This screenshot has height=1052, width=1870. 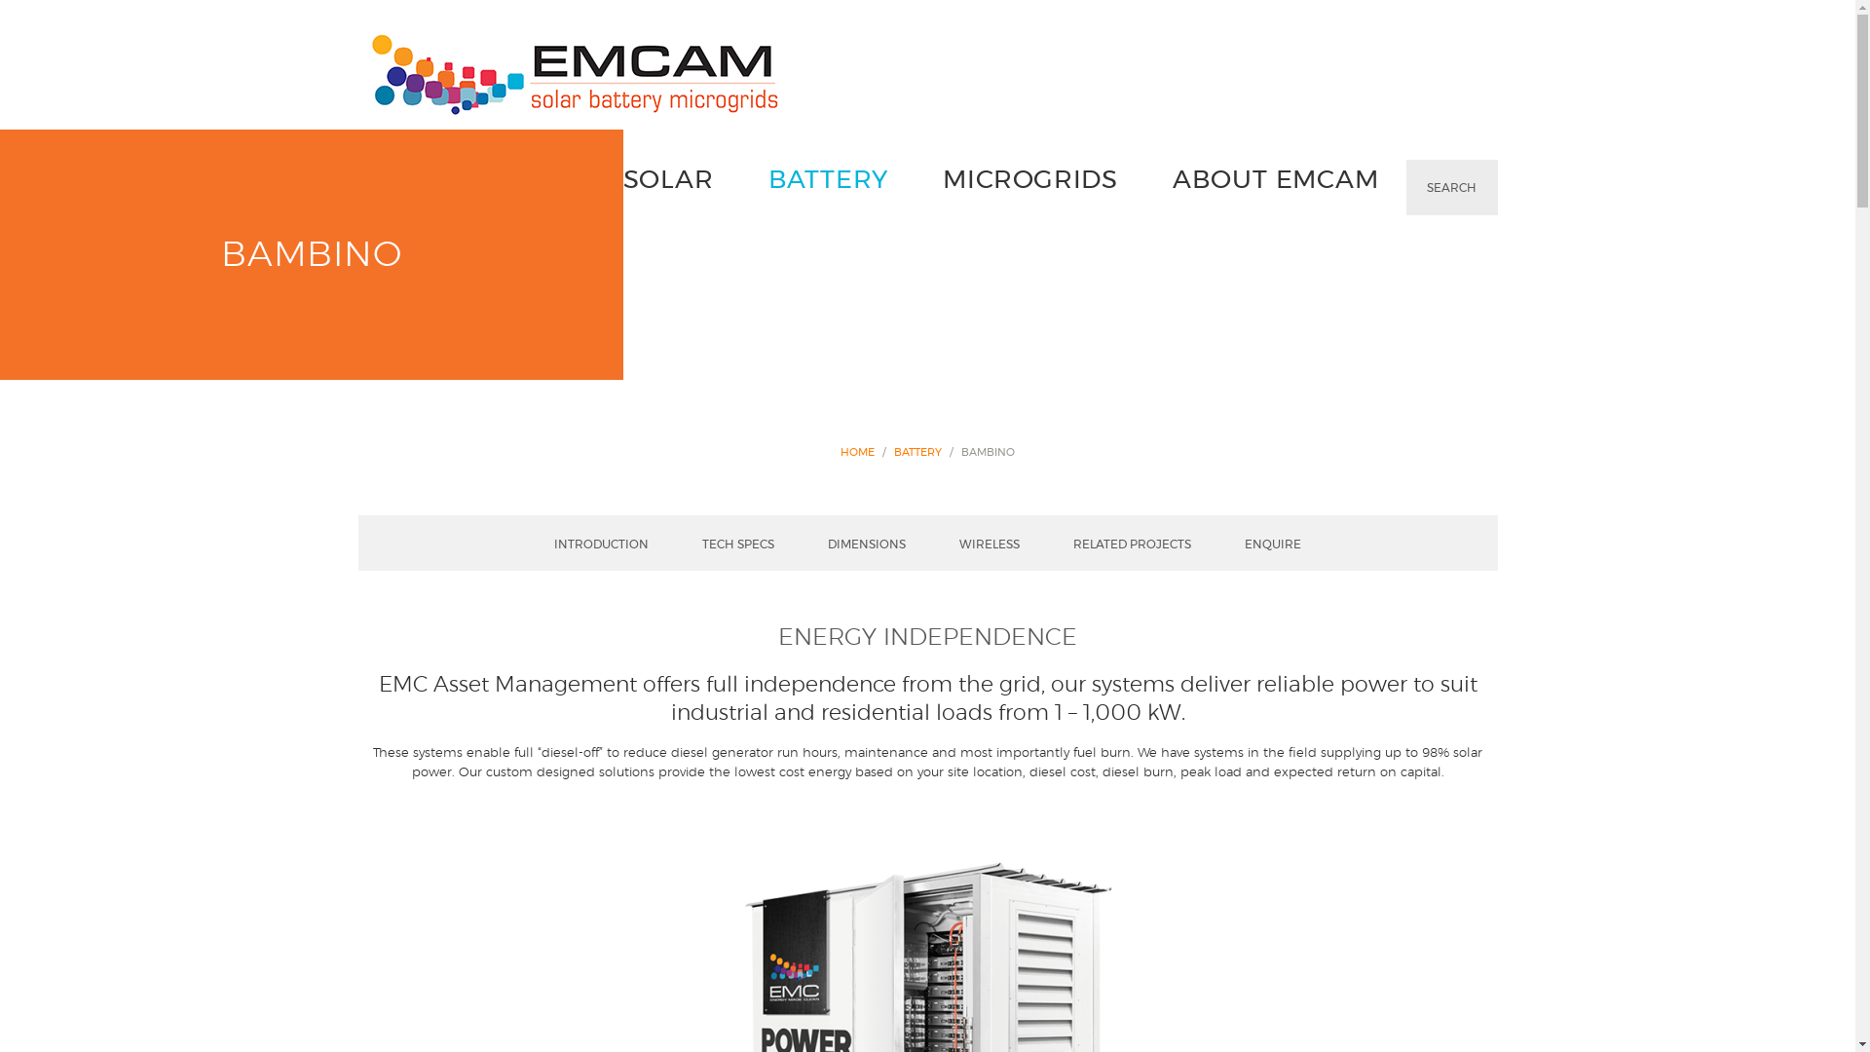 What do you see at coordinates (990, 545) in the screenshot?
I see `'WIRELESS'` at bounding box center [990, 545].